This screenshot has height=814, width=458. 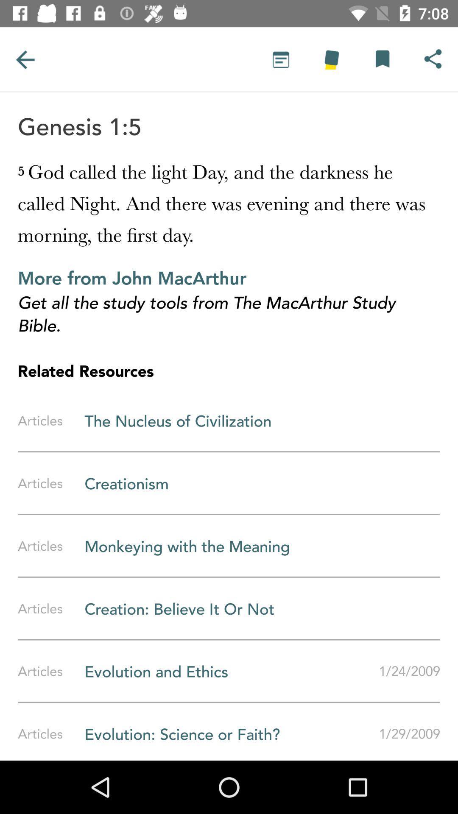 What do you see at coordinates (25, 59) in the screenshot?
I see `previous` at bounding box center [25, 59].